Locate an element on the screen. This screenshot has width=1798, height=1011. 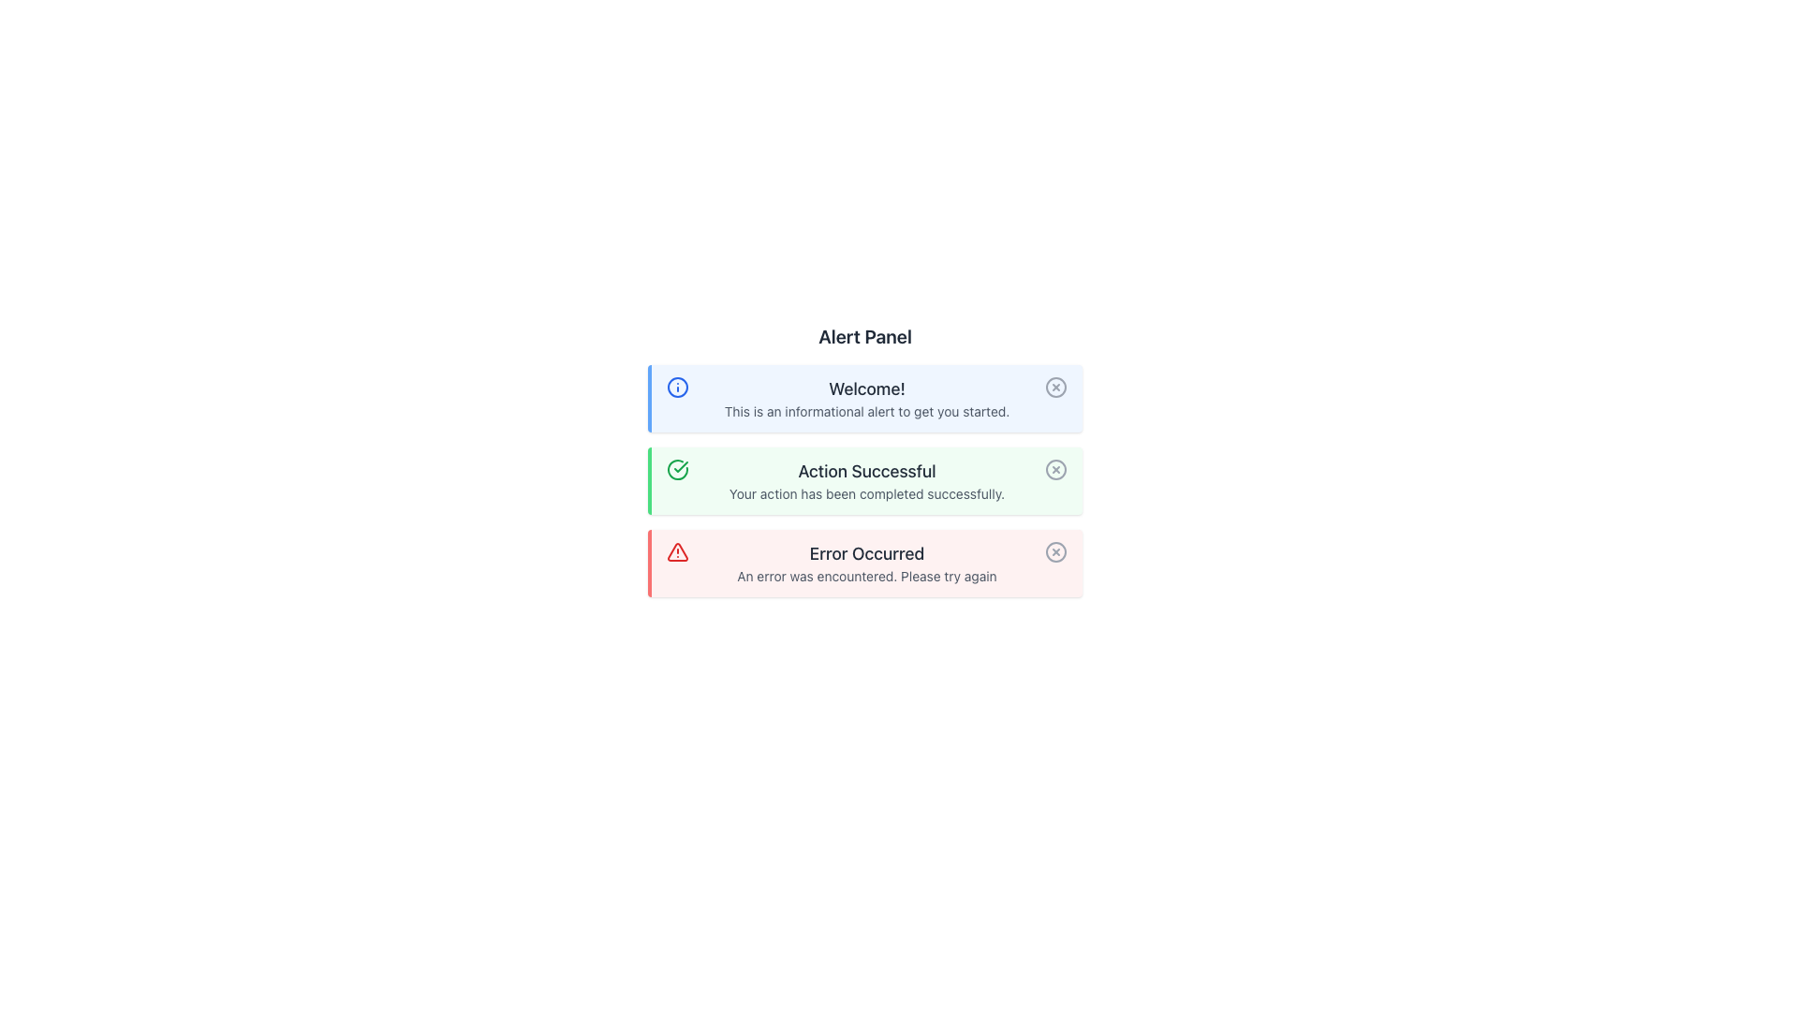
notification text displayed in the bottom-most red alert box, which informs the user about an error that has occurred in the application is located at coordinates (866, 562).